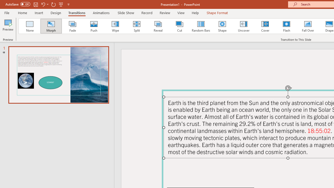  What do you see at coordinates (308, 26) in the screenshot?
I see `'Fall Over'` at bounding box center [308, 26].